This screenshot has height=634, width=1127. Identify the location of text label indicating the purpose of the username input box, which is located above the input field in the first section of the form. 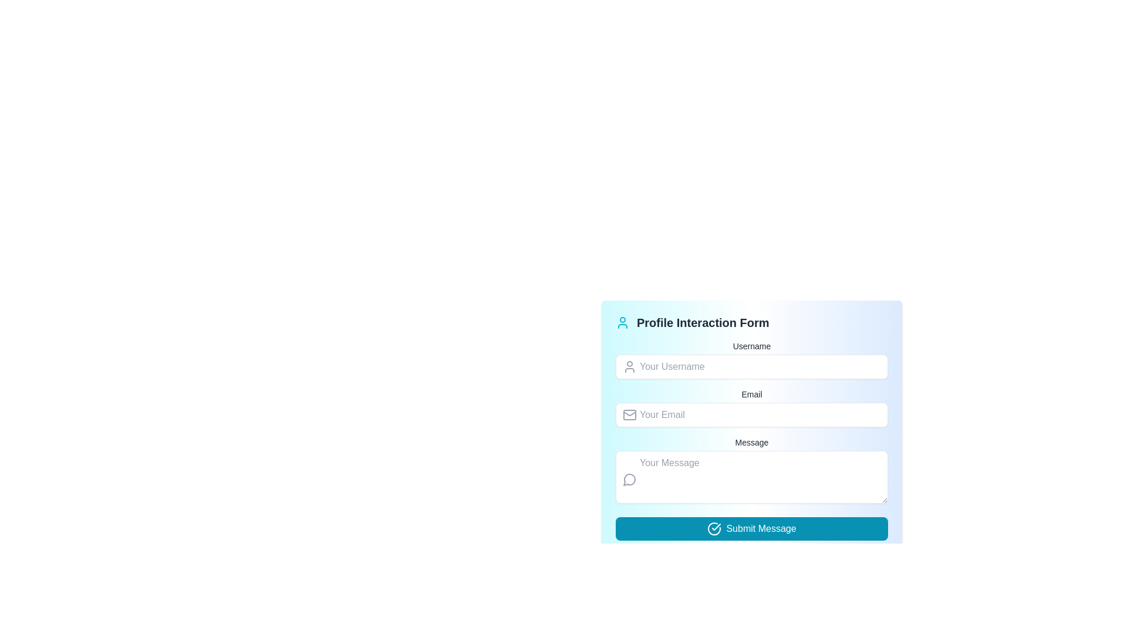
(752, 346).